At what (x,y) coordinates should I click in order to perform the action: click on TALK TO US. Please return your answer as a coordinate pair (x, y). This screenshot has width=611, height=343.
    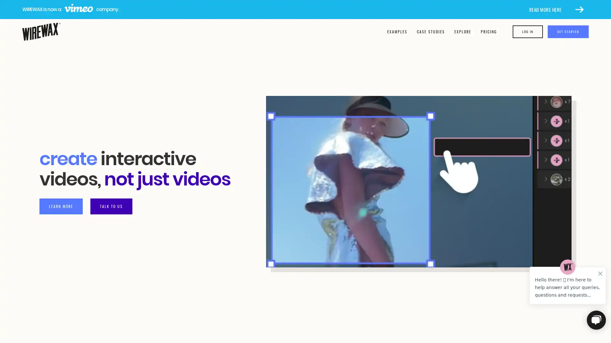
    Looking at the image, I should click on (111, 206).